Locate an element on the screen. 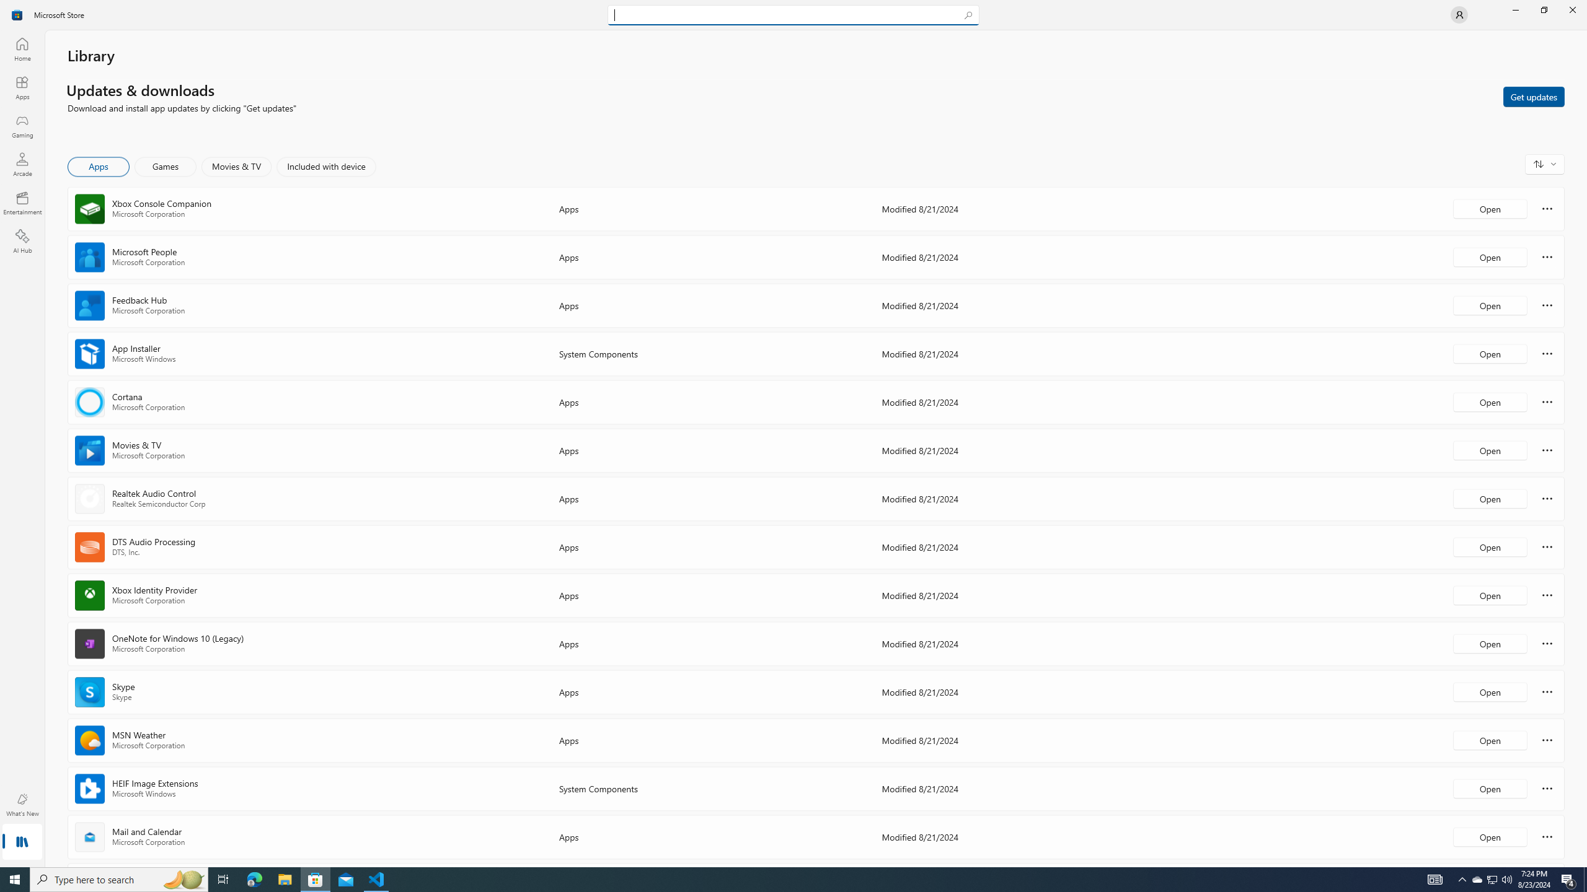  'Home' is located at coordinates (21, 48).